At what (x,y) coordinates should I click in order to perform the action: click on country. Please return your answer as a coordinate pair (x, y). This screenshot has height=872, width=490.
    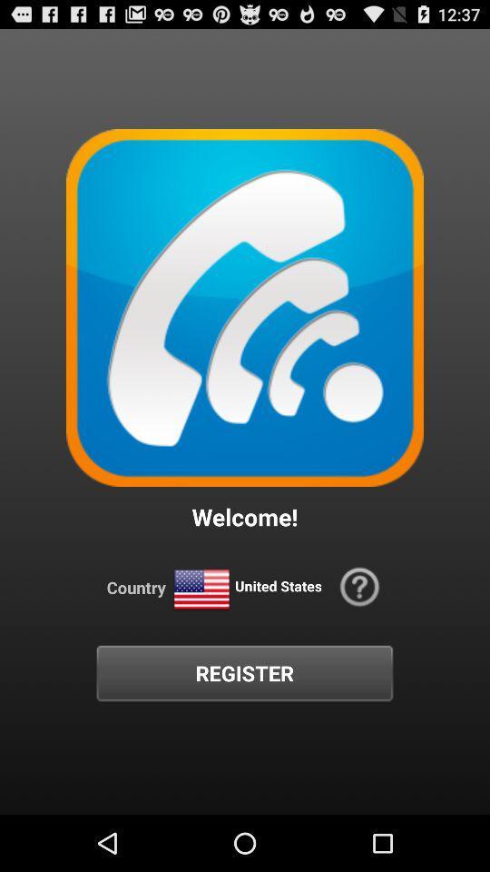
    Looking at the image, I should click on (201, 589).